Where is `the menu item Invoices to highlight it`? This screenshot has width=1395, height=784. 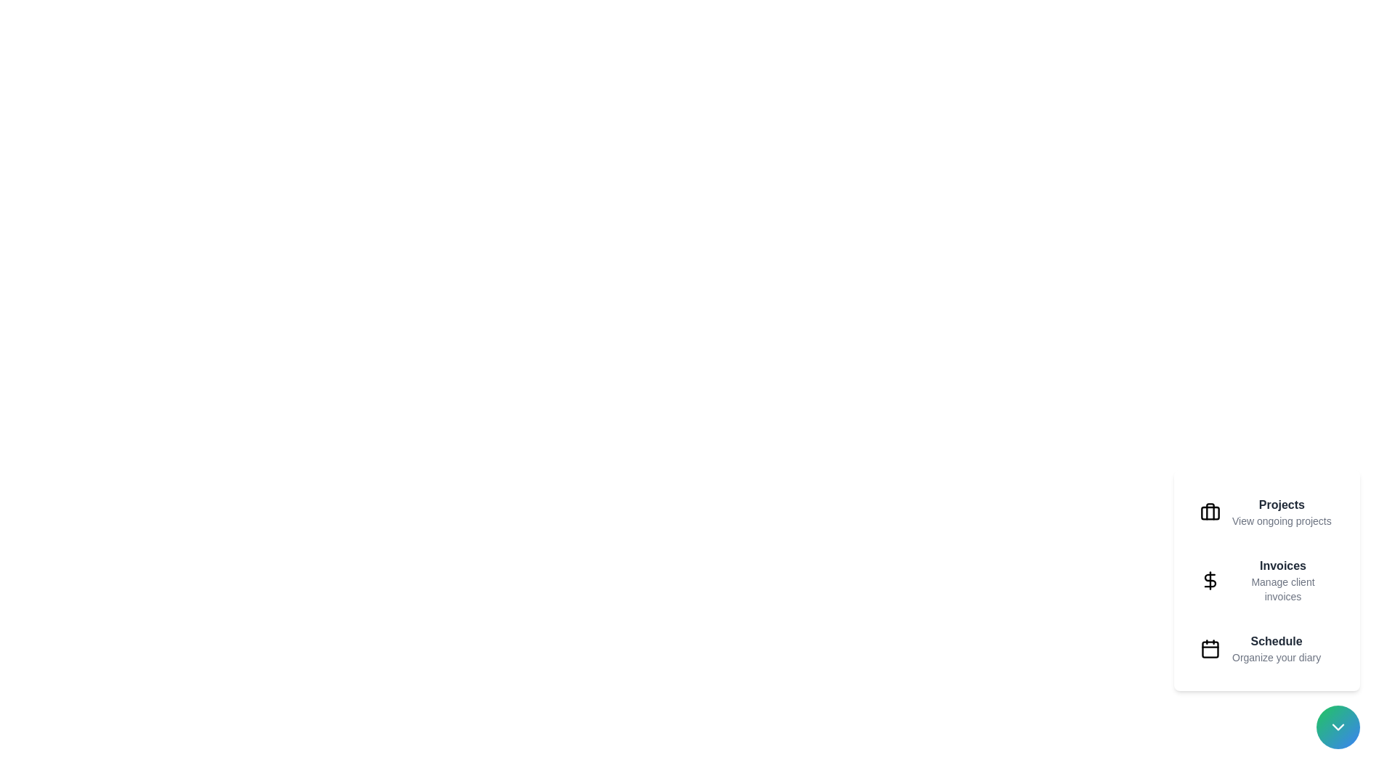 the menu item Invoices to highlight it is located at coordinates (1266, 579).